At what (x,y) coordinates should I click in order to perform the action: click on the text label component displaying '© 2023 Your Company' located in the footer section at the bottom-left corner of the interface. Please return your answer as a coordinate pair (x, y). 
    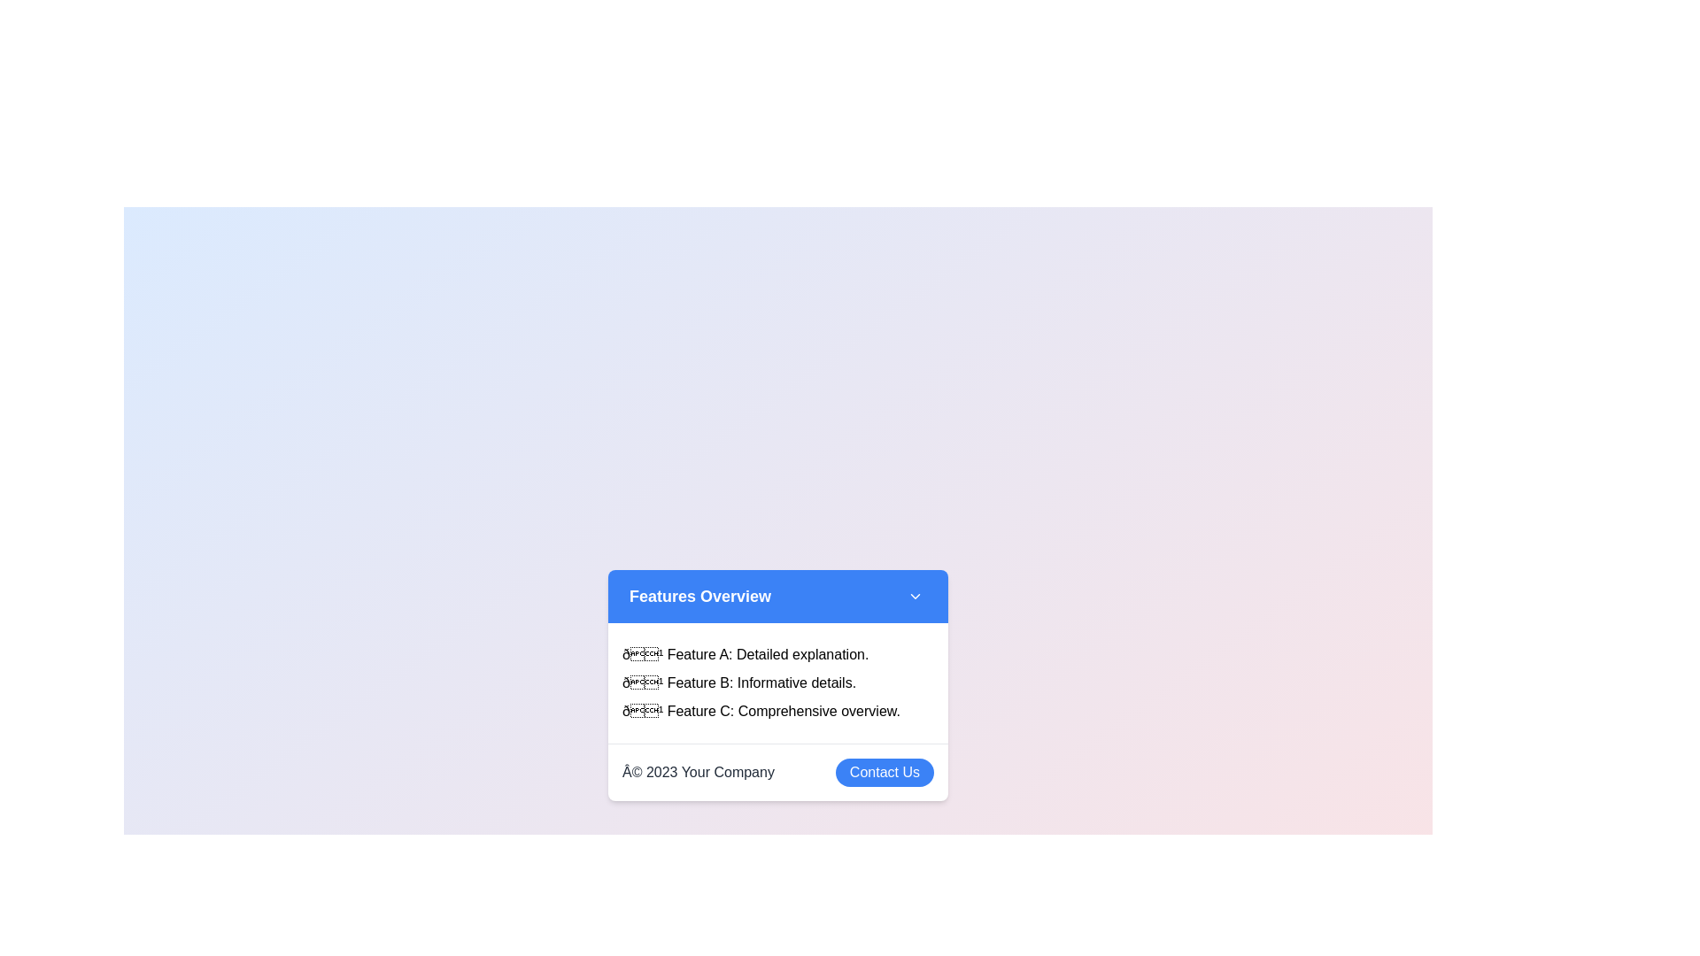
    Looking at the image, I should click on (697, 771).